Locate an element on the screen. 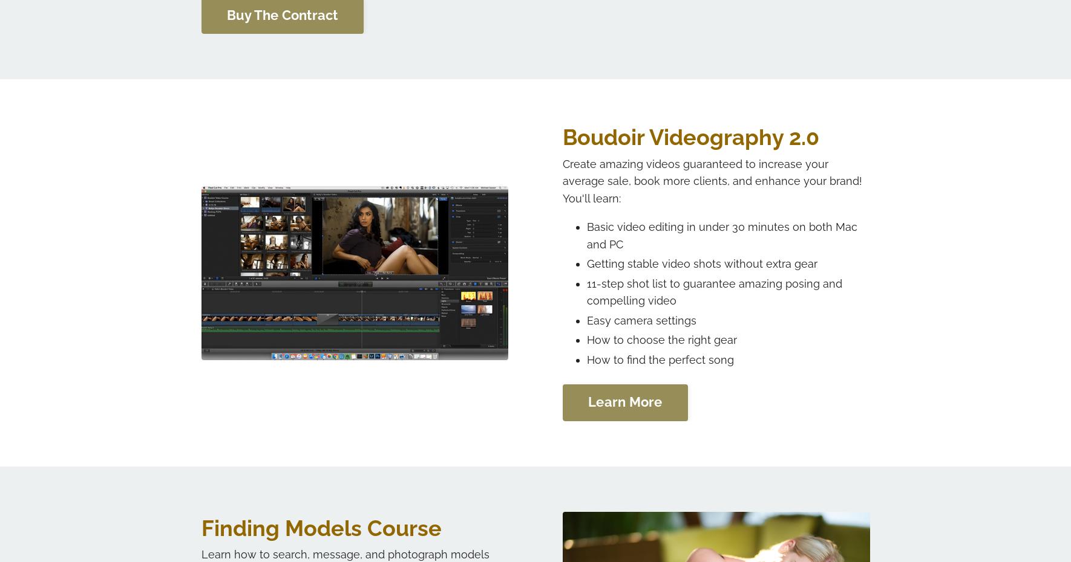 This screenshot has width=1071, height=562. '11-step shot list to guarantee amazing posing and compelling video' is located at coordinates (714, 291).